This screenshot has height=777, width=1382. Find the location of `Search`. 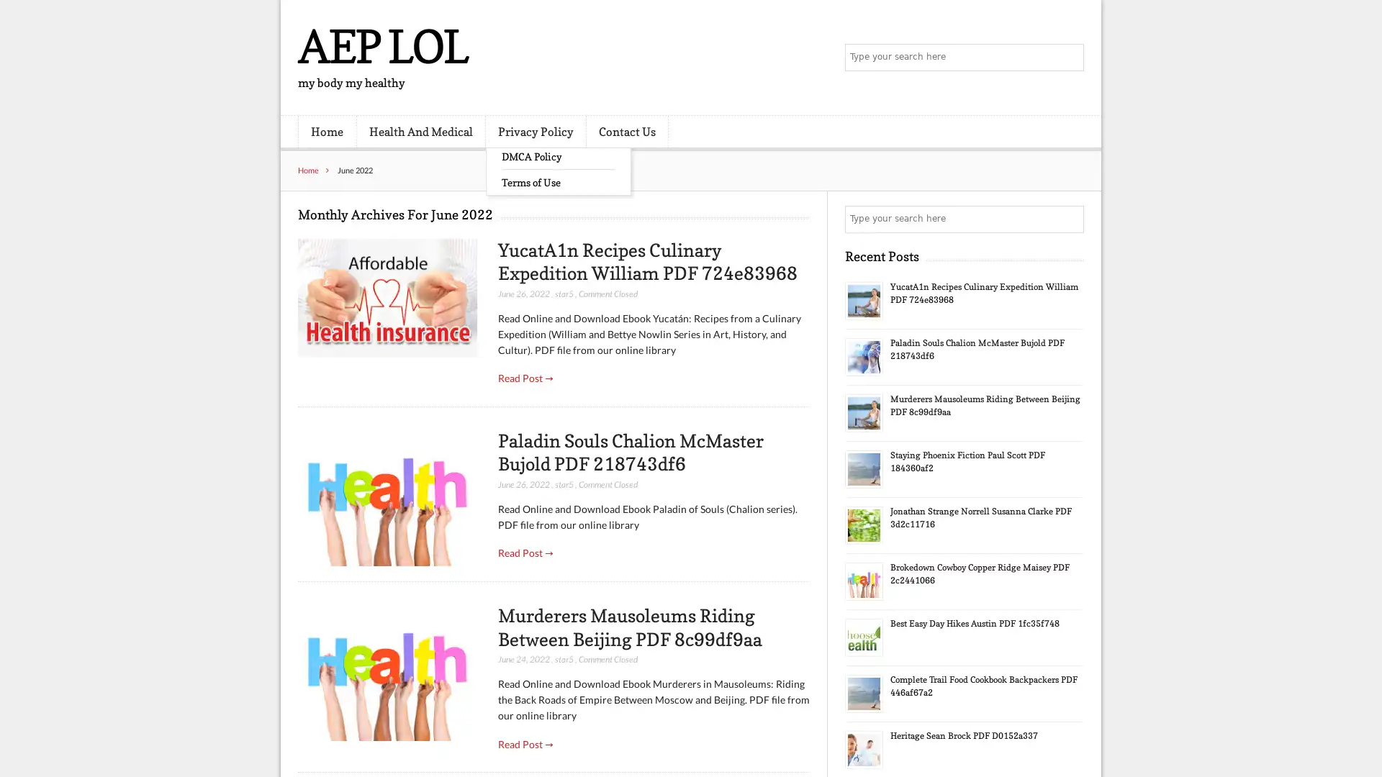

Search is located at coordinates (1069, 58).